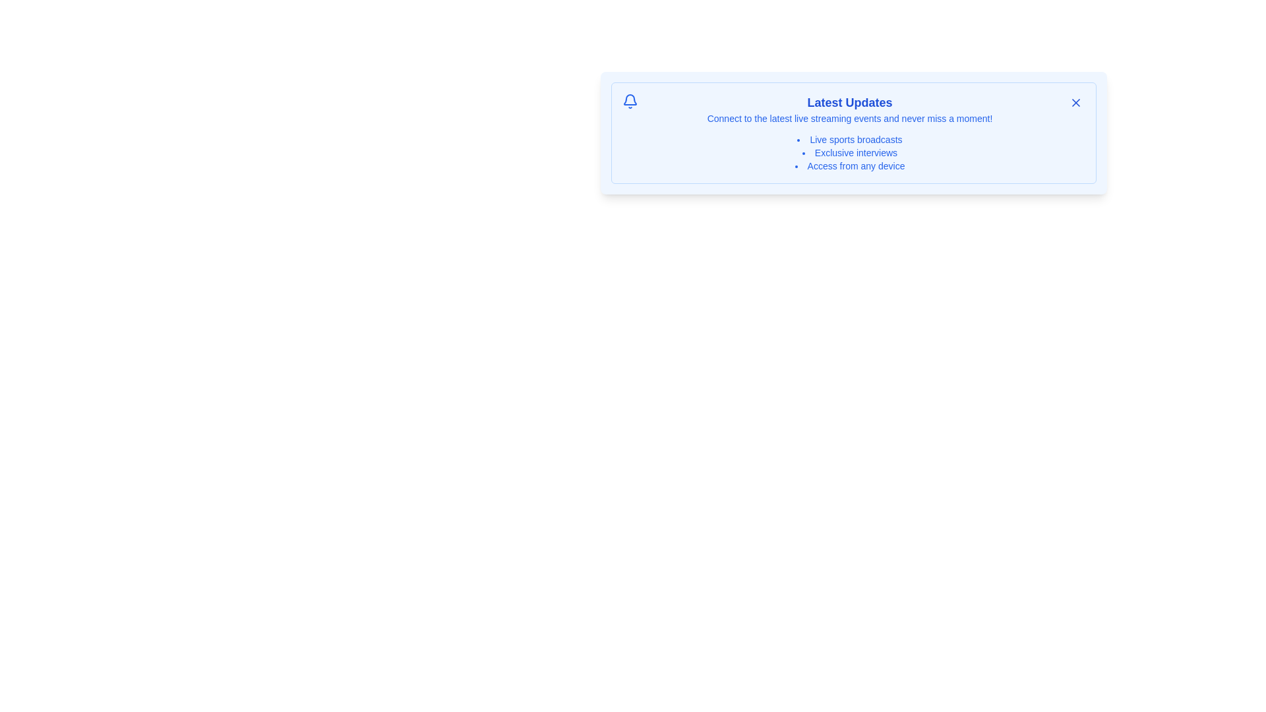  What do you see at coordinates (854, 133) in the screenshot?
I see `the notification area to focus on its text` at bounding box center [854, 133].